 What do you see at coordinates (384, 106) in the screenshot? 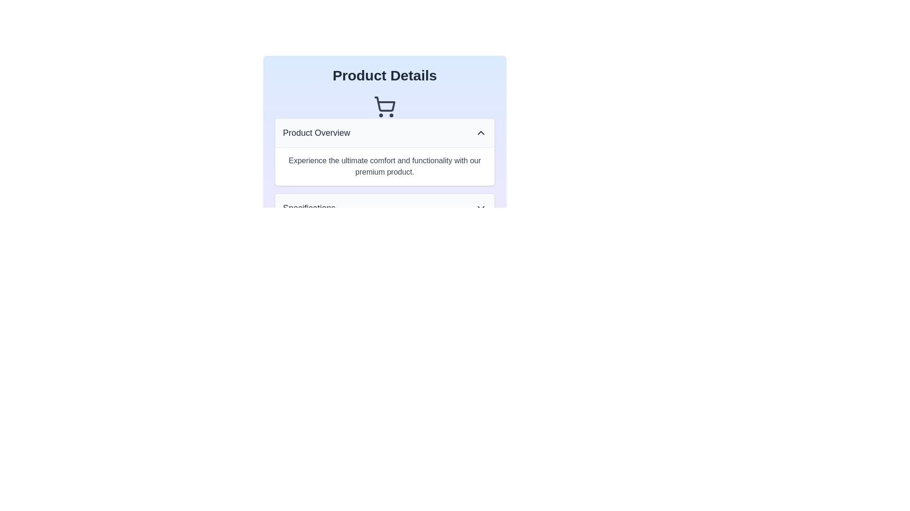
I see `the shopping cart icon located in the 'Product Details' section, positioned beneath the header and above the 'Product Overview' content block` at bounding box center [384, 106].